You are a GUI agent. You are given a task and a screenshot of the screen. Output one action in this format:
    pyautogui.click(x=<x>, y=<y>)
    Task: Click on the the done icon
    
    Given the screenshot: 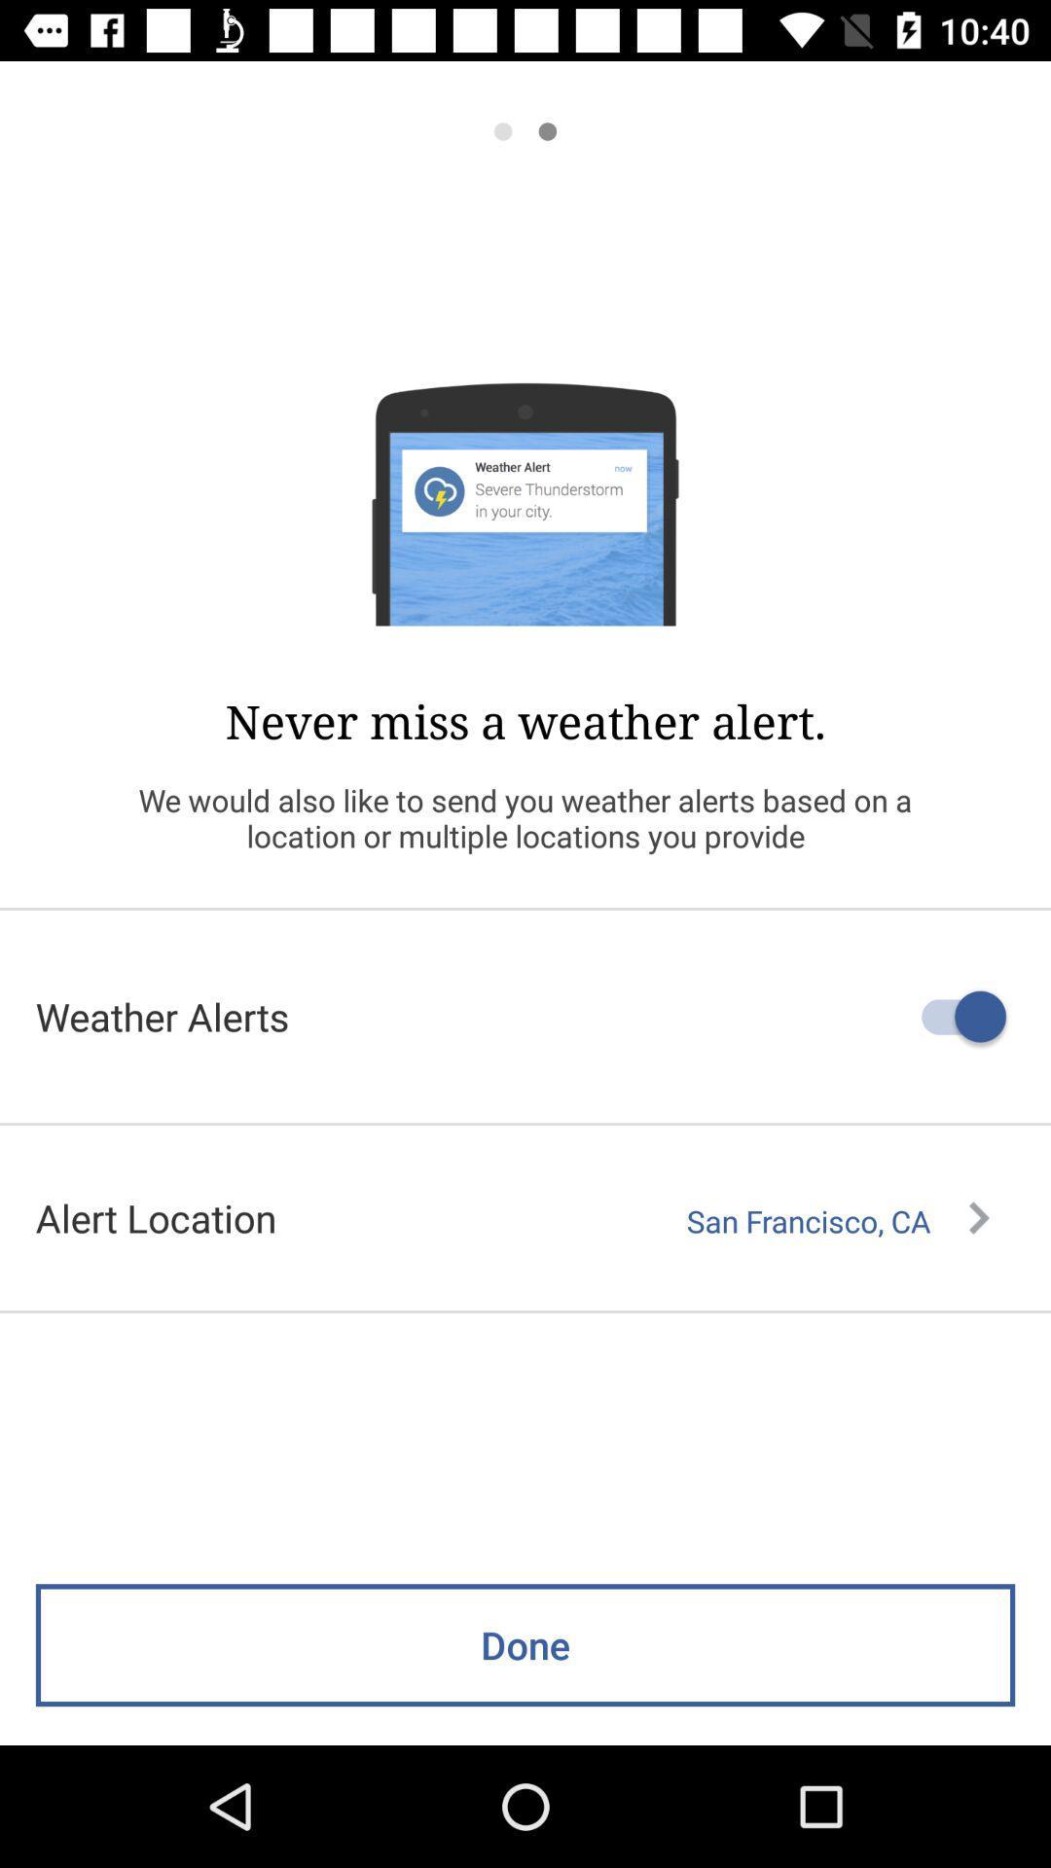 What is the action you would take?
    pyautogui.click(x=525, y=1644)
    